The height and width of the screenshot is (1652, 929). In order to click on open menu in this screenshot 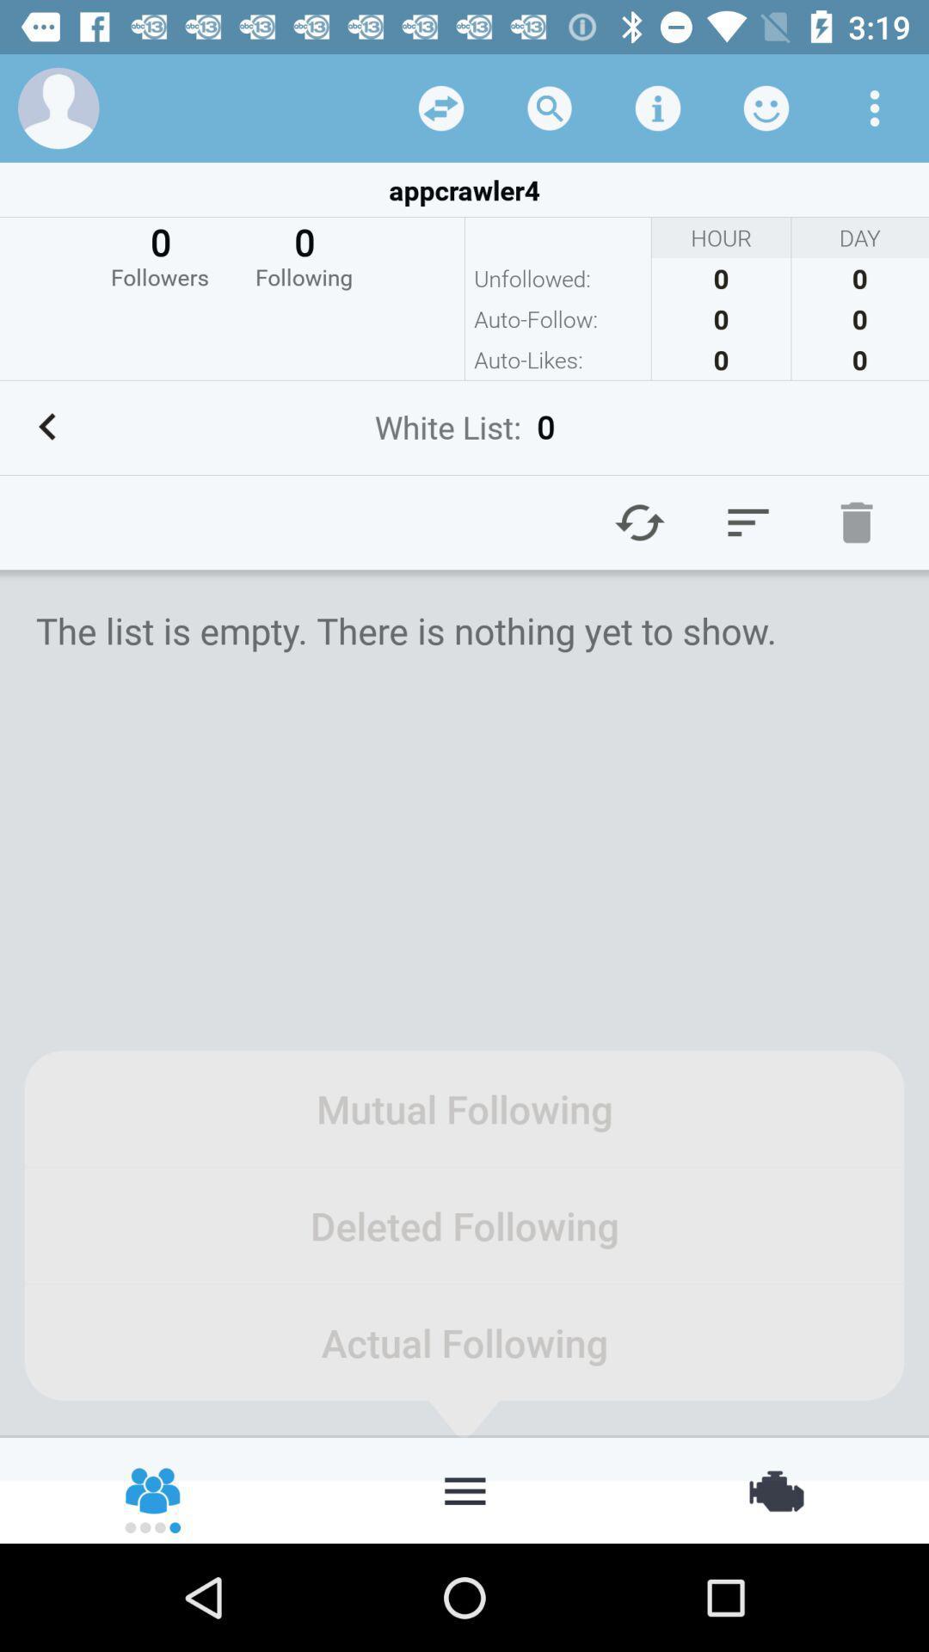, I will do `click(464, 1489)`.